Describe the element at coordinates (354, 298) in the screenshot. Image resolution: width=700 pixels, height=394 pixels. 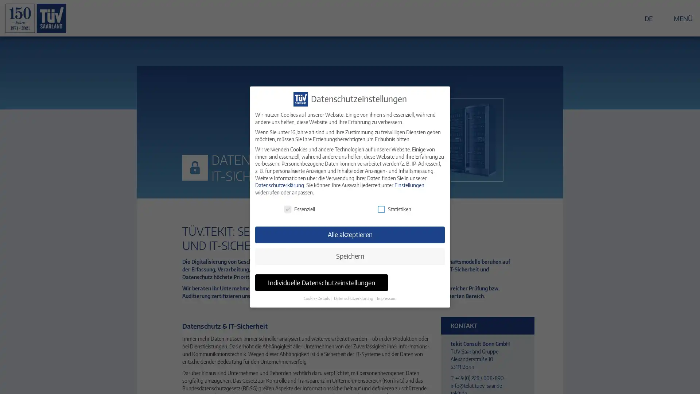
I see `Datenschutzerklarung` at that location.